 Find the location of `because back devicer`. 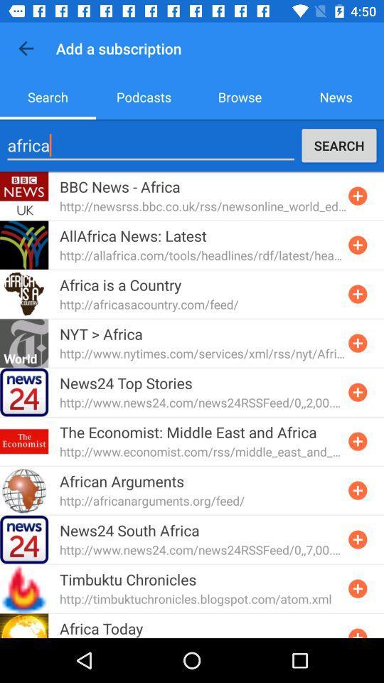

because back devicer is located at coordinates (357, 195).